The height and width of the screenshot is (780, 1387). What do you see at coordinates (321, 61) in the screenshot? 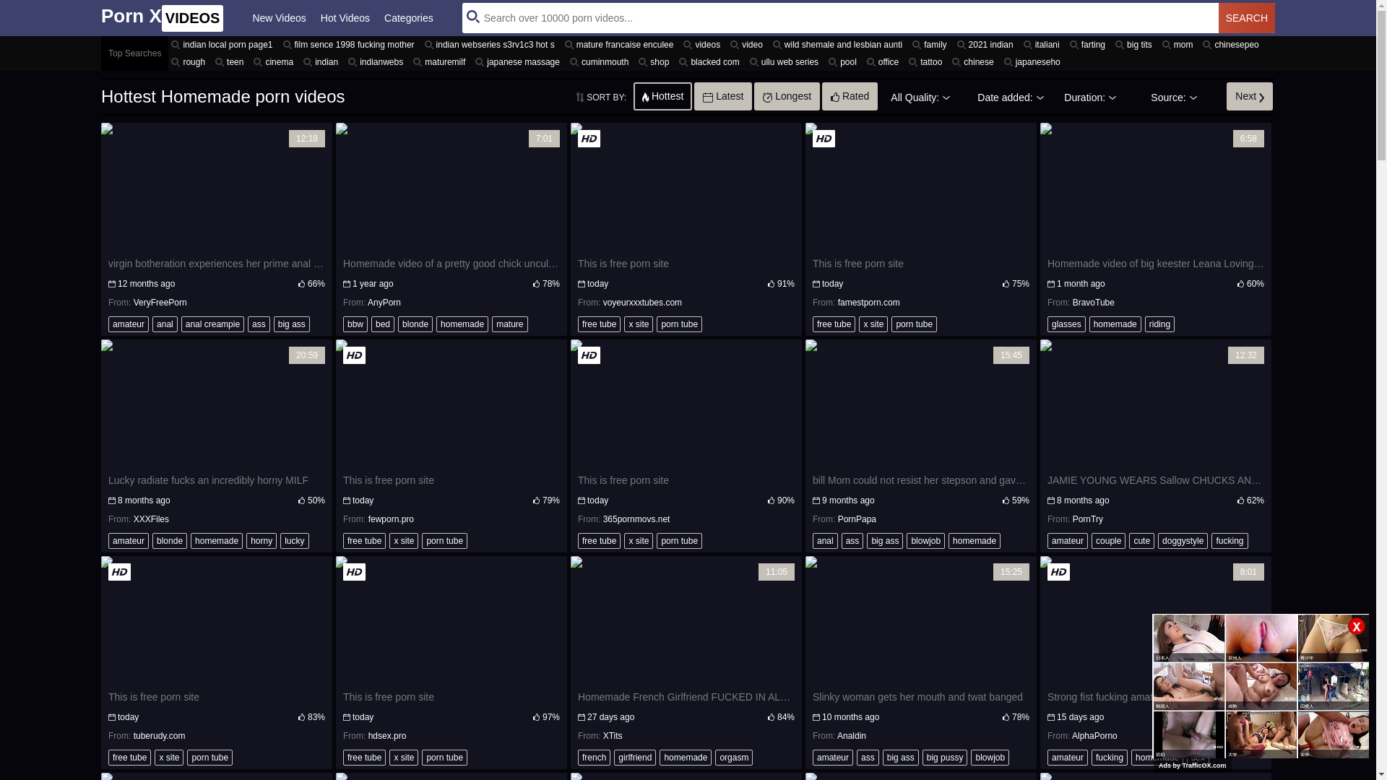
I see `'indian'` at bounding box center [321, 61].